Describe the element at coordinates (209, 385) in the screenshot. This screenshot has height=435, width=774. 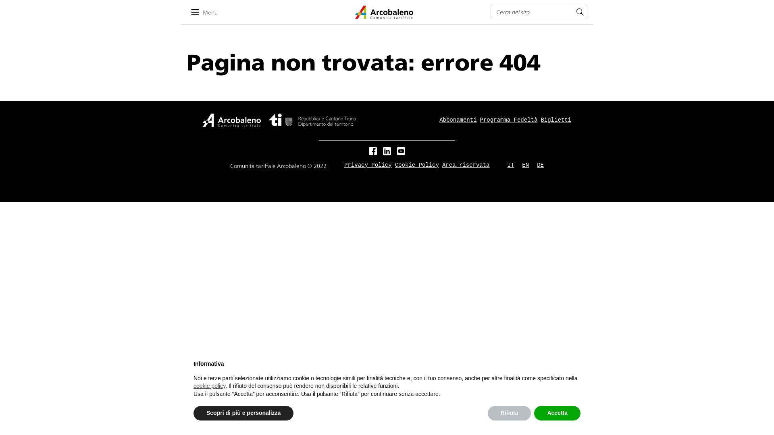
I see `'cookie policy'` at that location.